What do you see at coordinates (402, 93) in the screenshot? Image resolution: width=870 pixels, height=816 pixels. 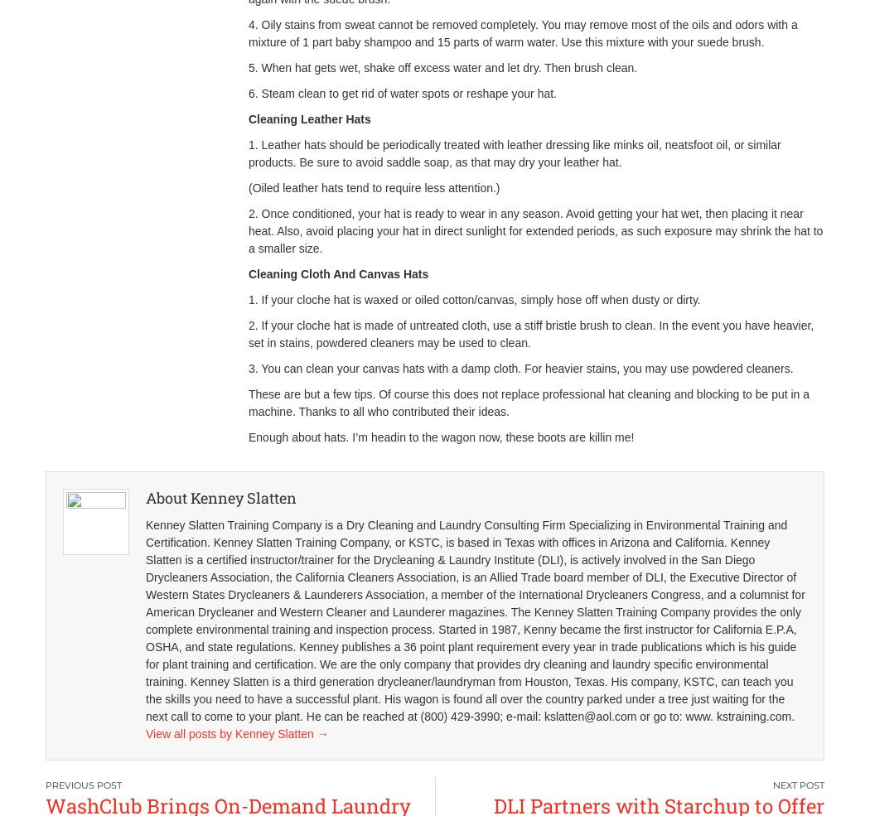 I see `'6. Steam clean to get rid of water spots or reshape your hat.'` at bounding box center [402, 93].